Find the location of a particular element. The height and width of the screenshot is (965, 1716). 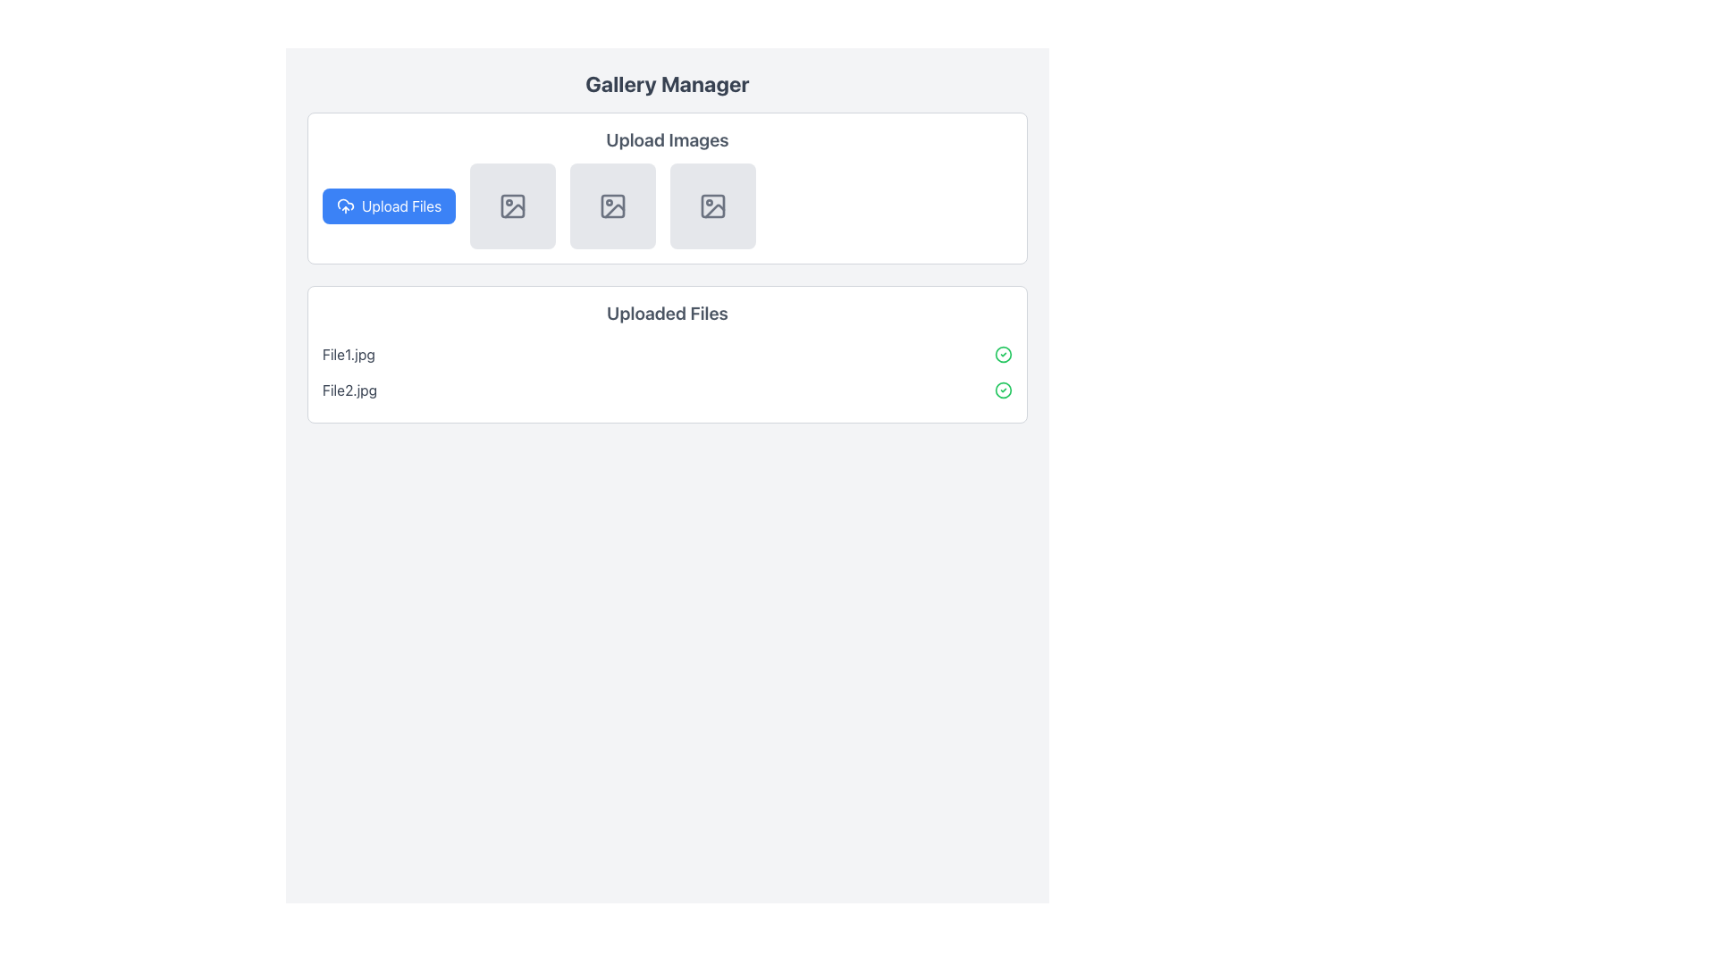

the text 'File2.jpg' for copying from the static text label in the 'Uploaded Files' section is located at coordinates (349, 389).